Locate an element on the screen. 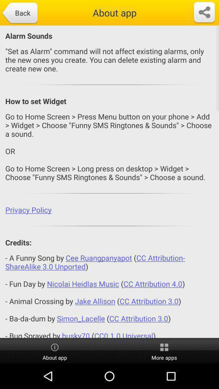 This screenshot has width=219, height=389. icon below the a funny song icon is located at coordinates (164, 351).